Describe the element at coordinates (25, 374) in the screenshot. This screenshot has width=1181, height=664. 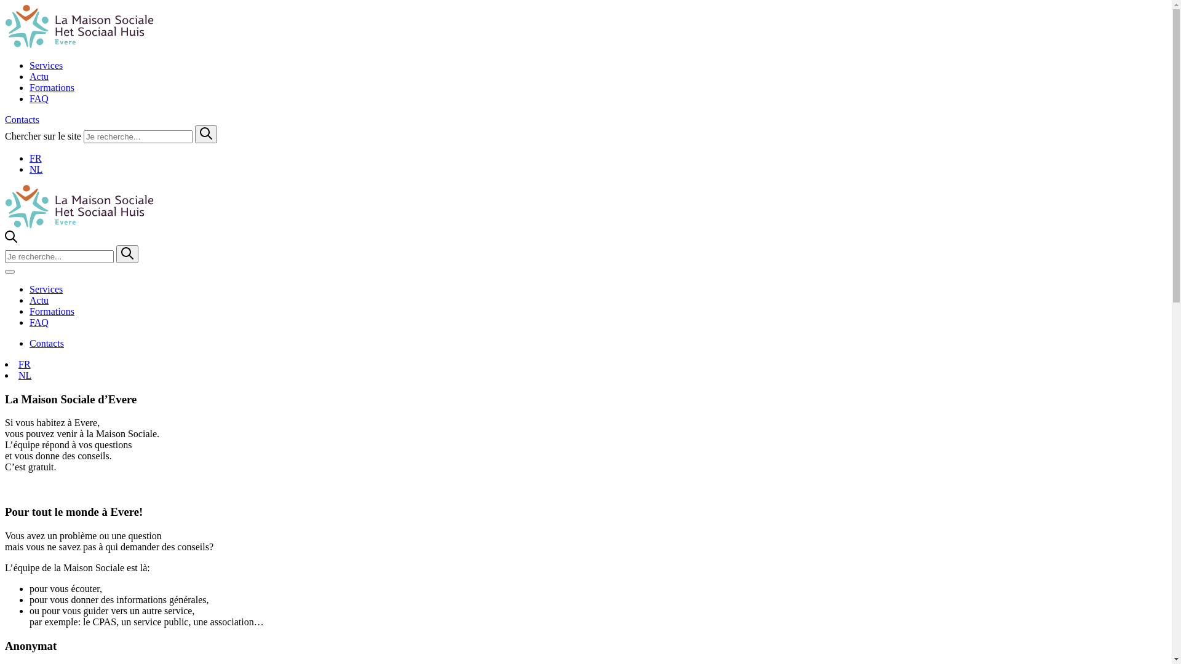
I see `'NL'` at that location.